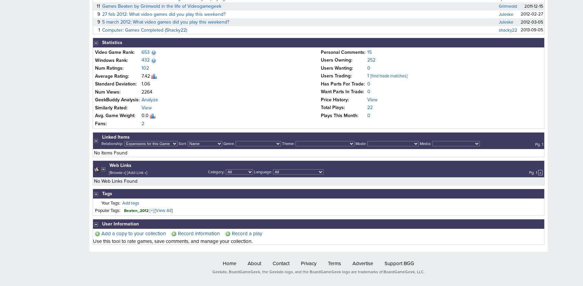 Image resolution: width=583 pixels, height=286 pixels. Describe the element at coordinates (355, 143) in the screenshot. I see `'Mode:'` at that location.